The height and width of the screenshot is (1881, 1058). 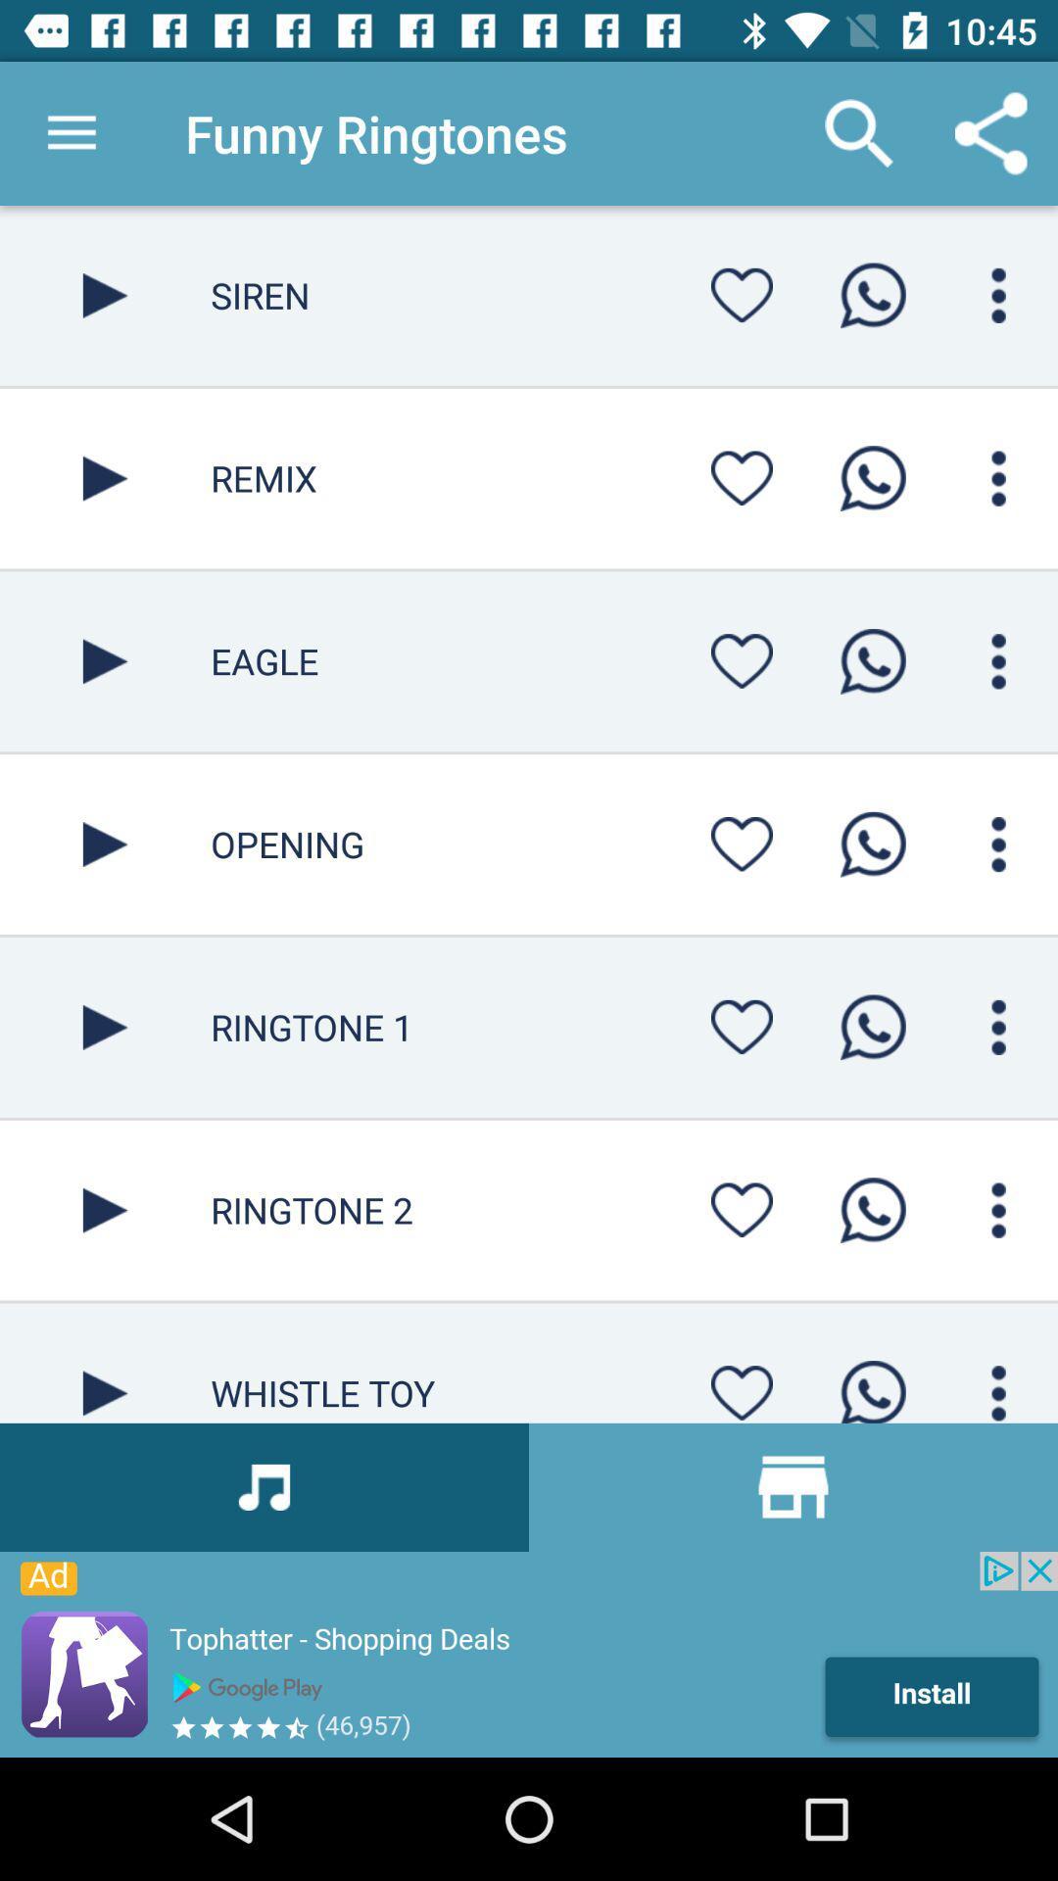 What do you see at coordinates (742, 1386) in the screenshot?
I see `like` at bounding box center [742, 1386].